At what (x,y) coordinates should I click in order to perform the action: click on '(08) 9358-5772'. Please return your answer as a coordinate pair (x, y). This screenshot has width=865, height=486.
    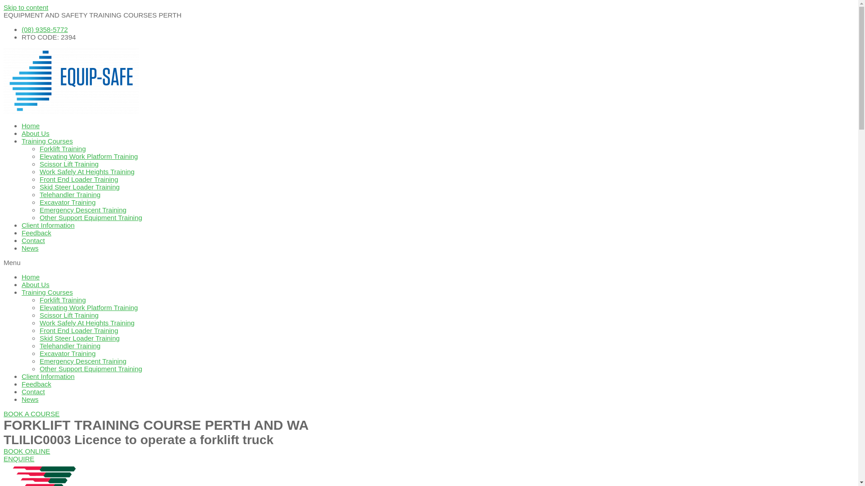
    Looking at the image, I should click on (44, 29).